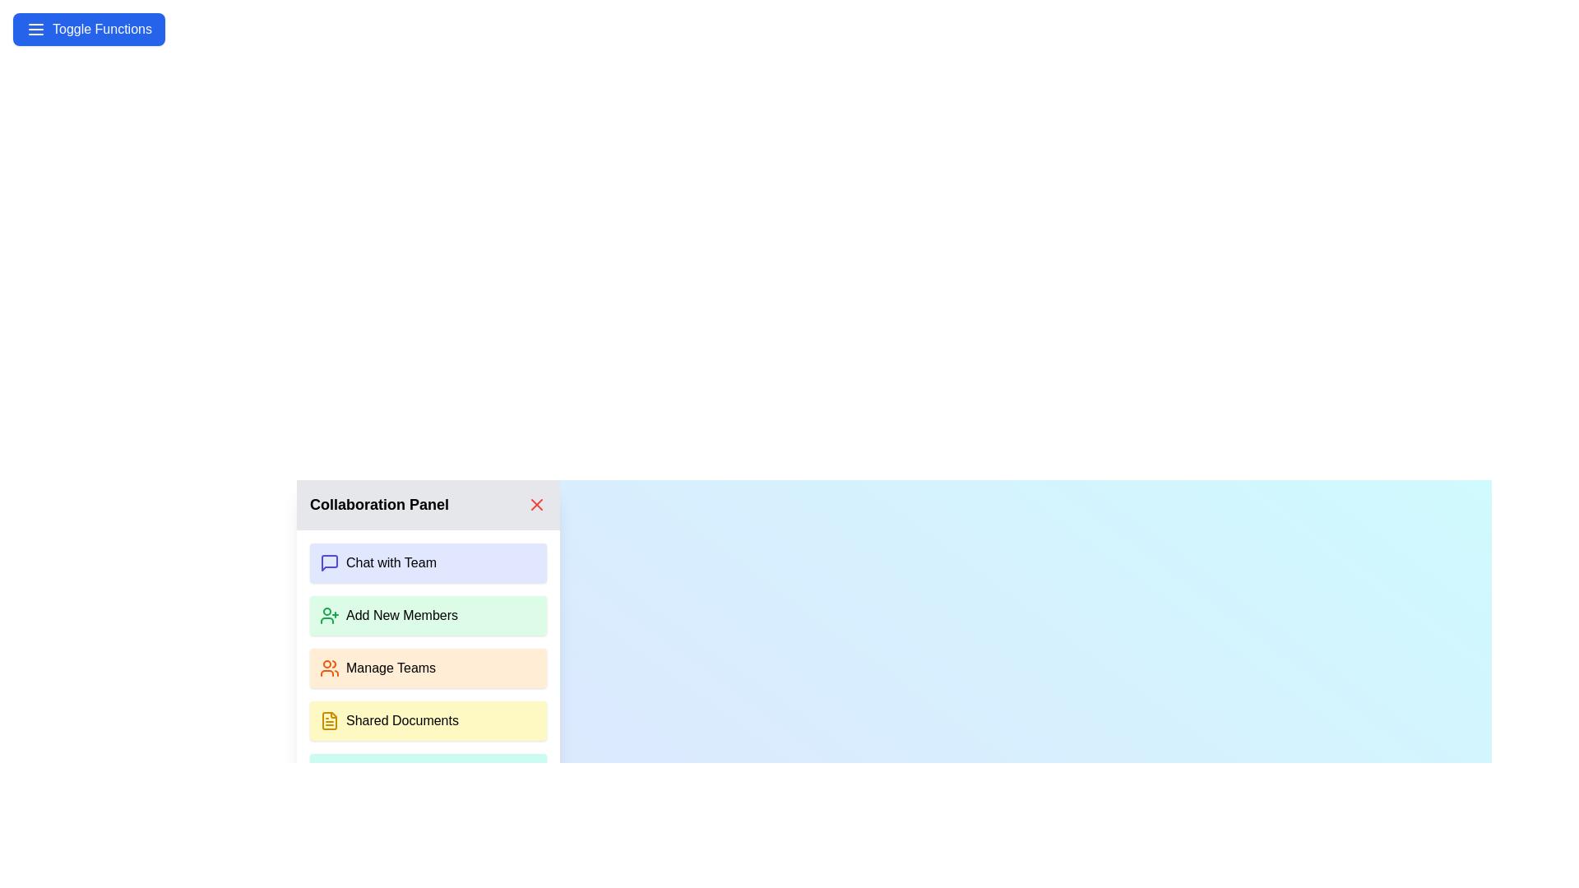  I want to click on the orange group of people icon located within the 'Manage Teams' menu item, so click(329, 668).